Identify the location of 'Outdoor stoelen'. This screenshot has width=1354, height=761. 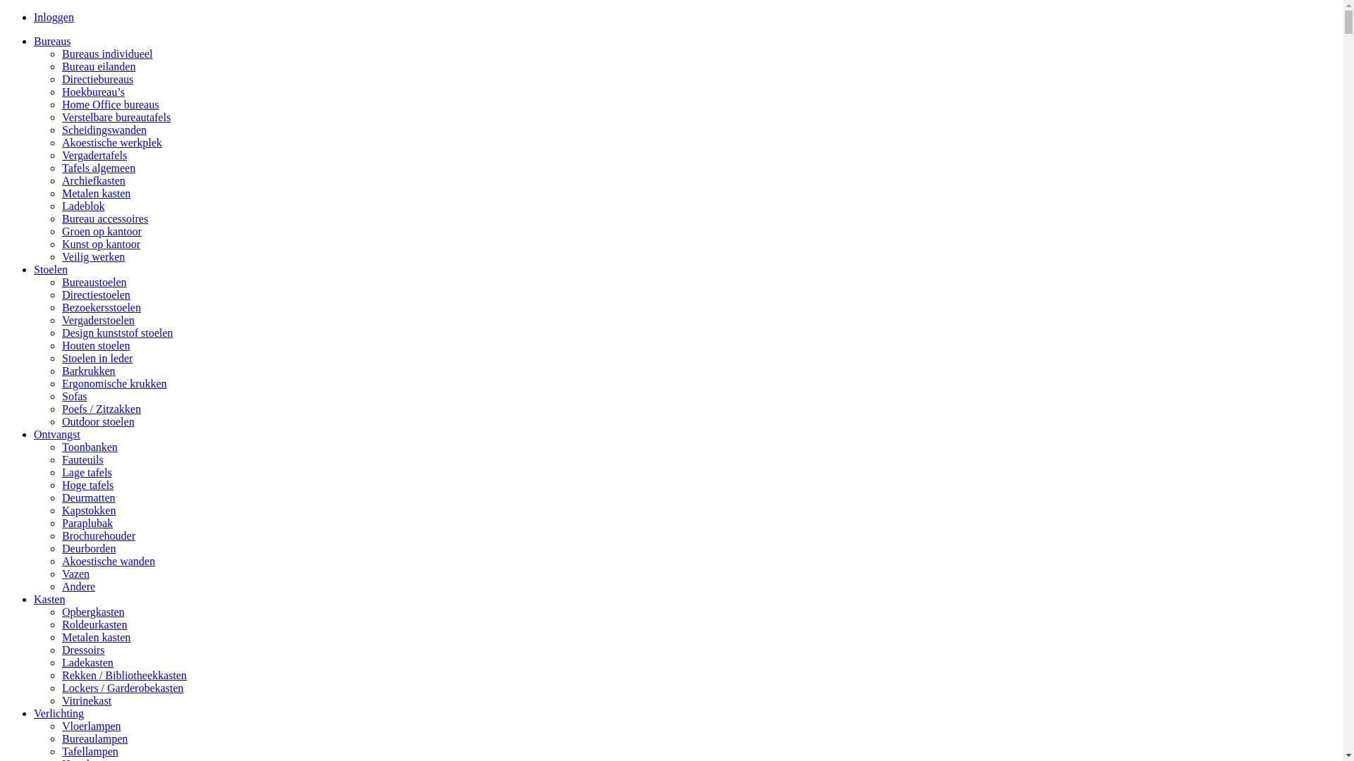
(97, 421).